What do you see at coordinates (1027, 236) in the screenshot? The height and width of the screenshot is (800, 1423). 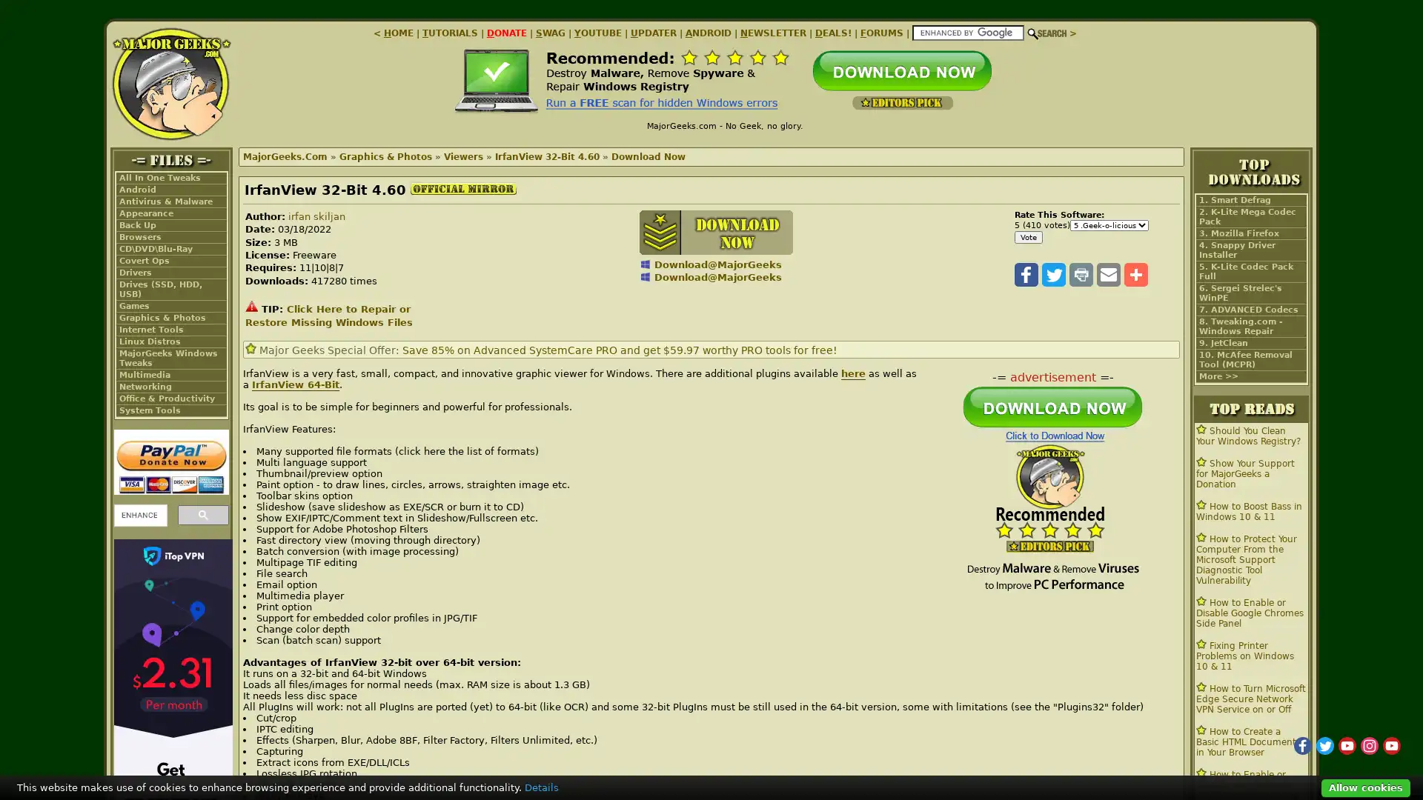 I see `Vote` at bounding box center [1027, 236].